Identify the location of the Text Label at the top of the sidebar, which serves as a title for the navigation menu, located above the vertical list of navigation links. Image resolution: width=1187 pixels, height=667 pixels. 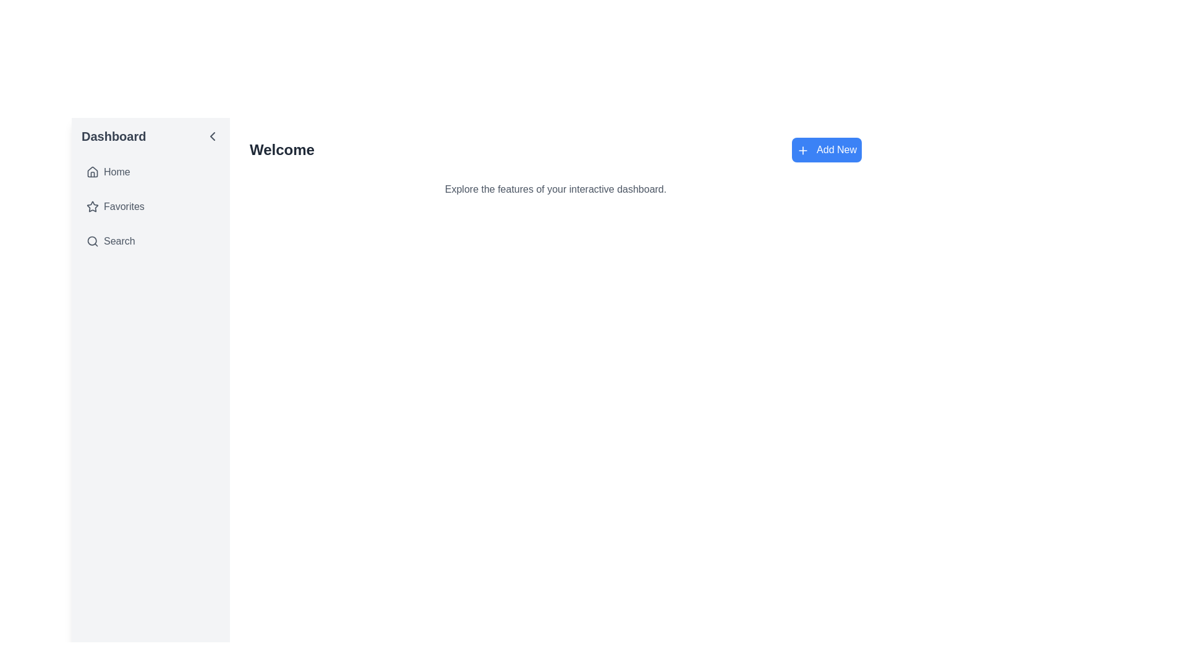
(114, 136).